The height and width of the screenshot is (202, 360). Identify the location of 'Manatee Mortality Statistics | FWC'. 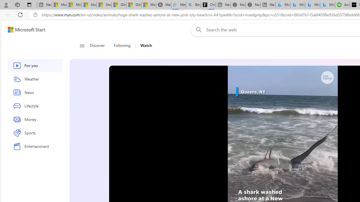
(163, 5).